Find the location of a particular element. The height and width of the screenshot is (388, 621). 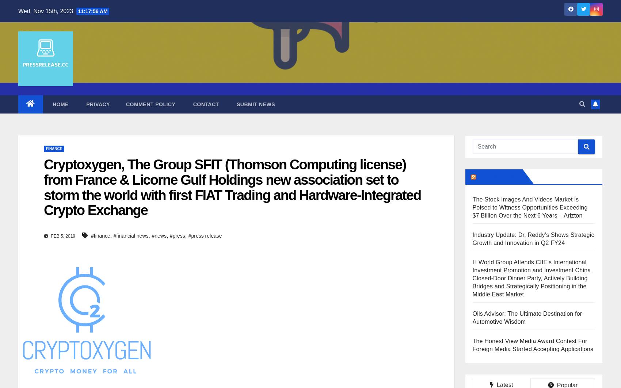

'The Honest View Media Award Contest For Foreign Media Started Accepting Applications' is located at coordinates (532, 345).